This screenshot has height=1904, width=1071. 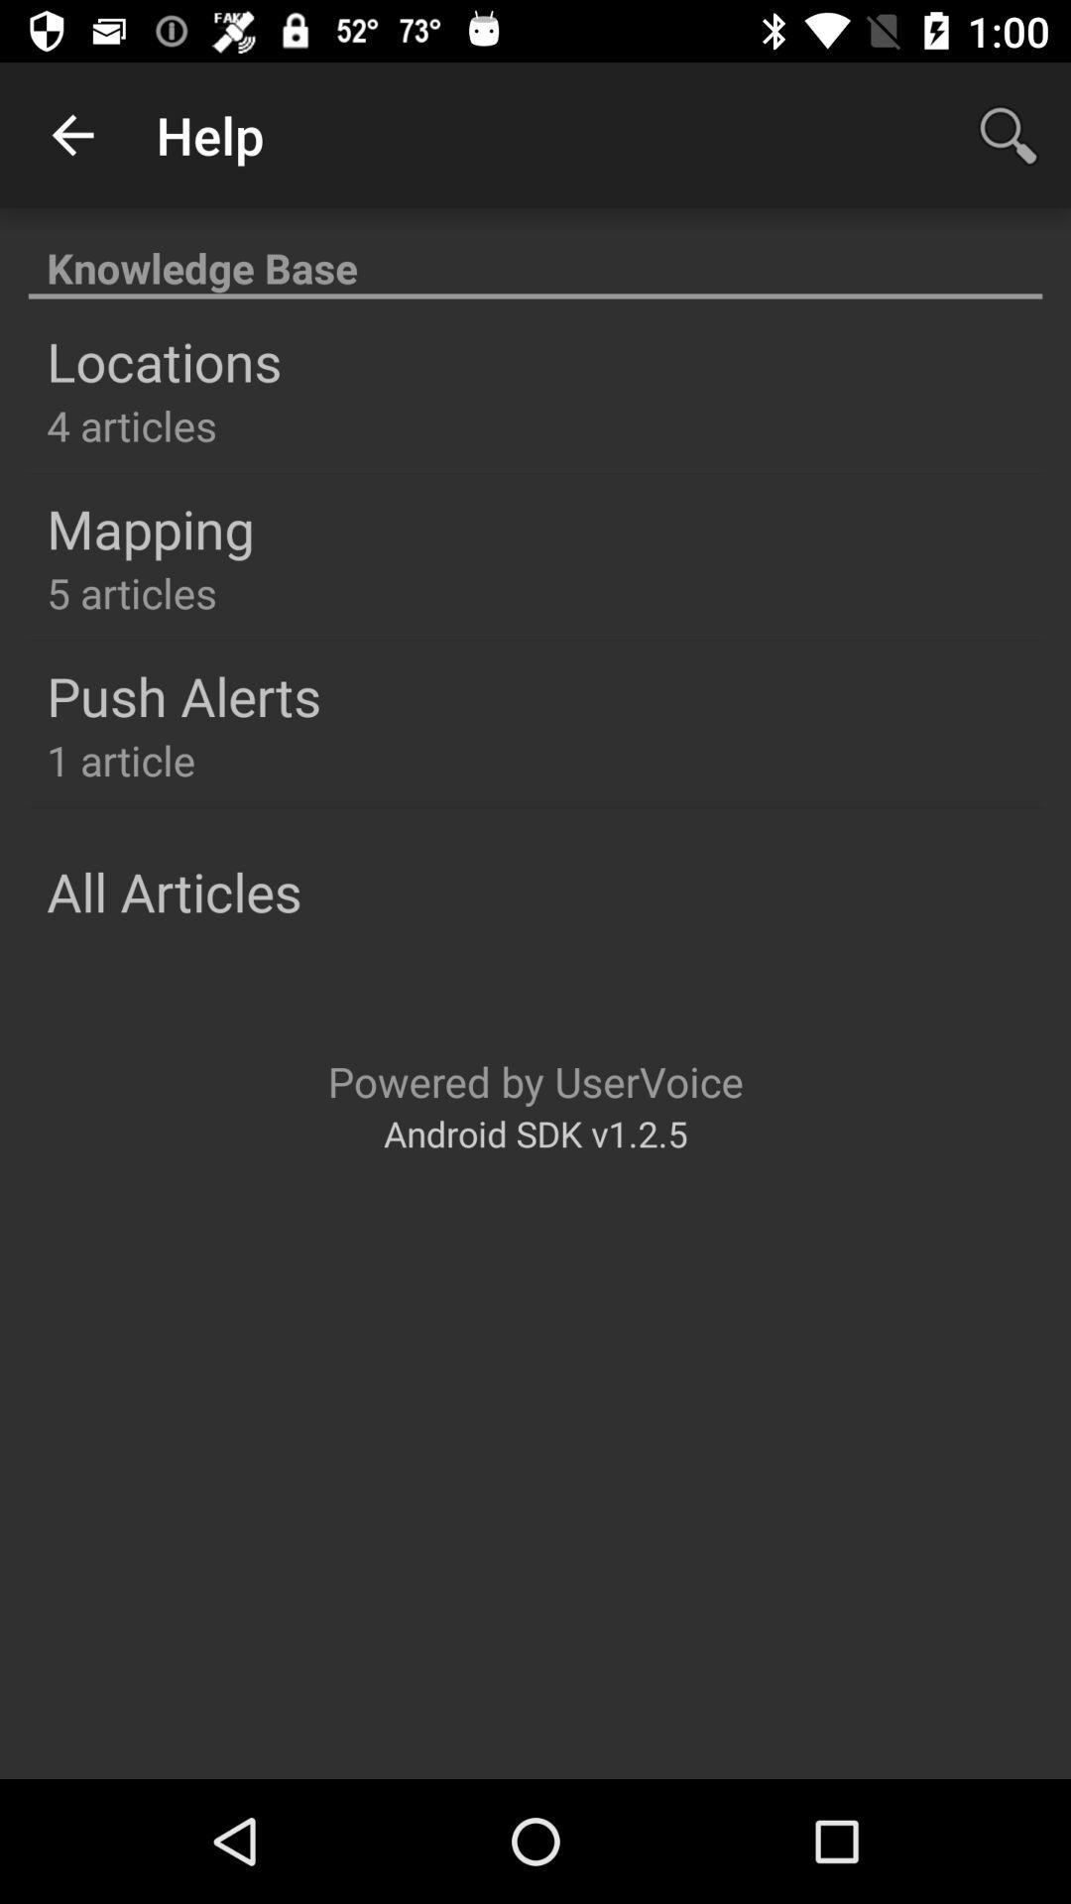 What do you see at coordinates (163, 361) in the screenshot?
I see `icon above 4 articles icon` at bounding box center [163, 361].